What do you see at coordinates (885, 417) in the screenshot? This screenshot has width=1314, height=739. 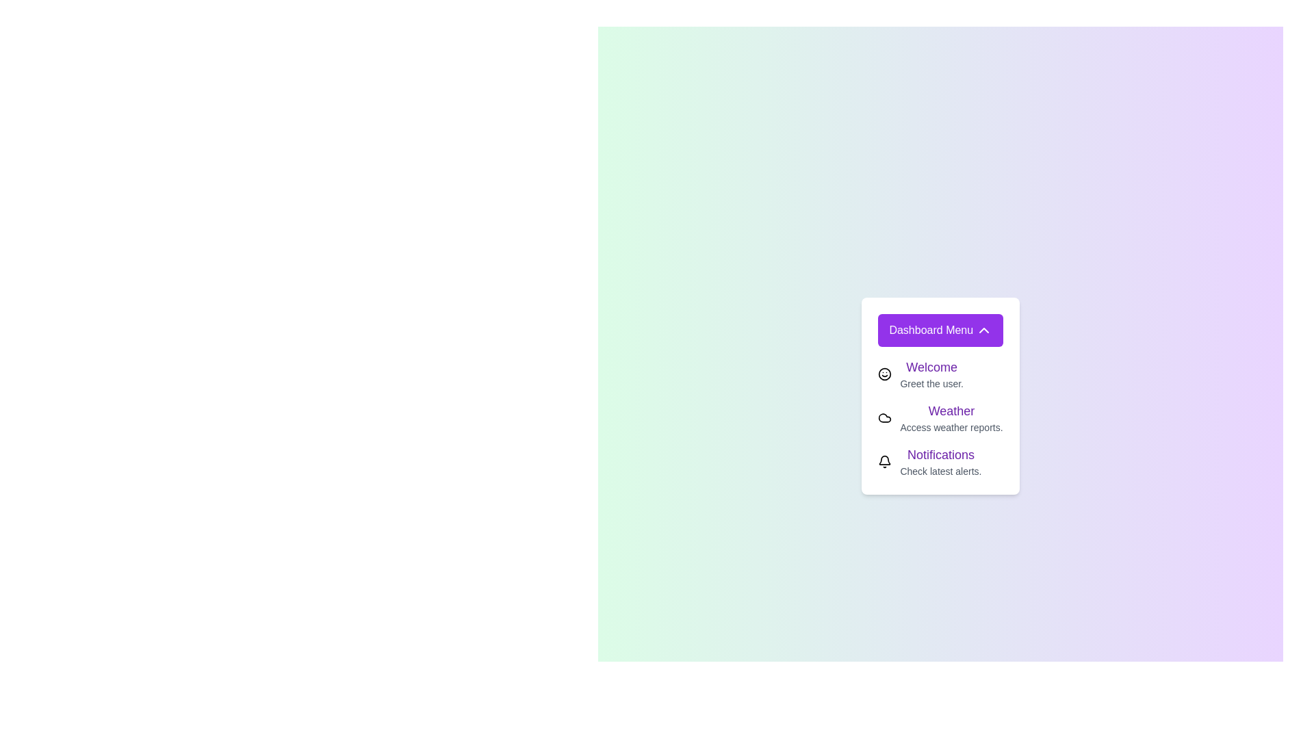 I see `the element Weather to display its tooltip` at bounding box center [885, 417].